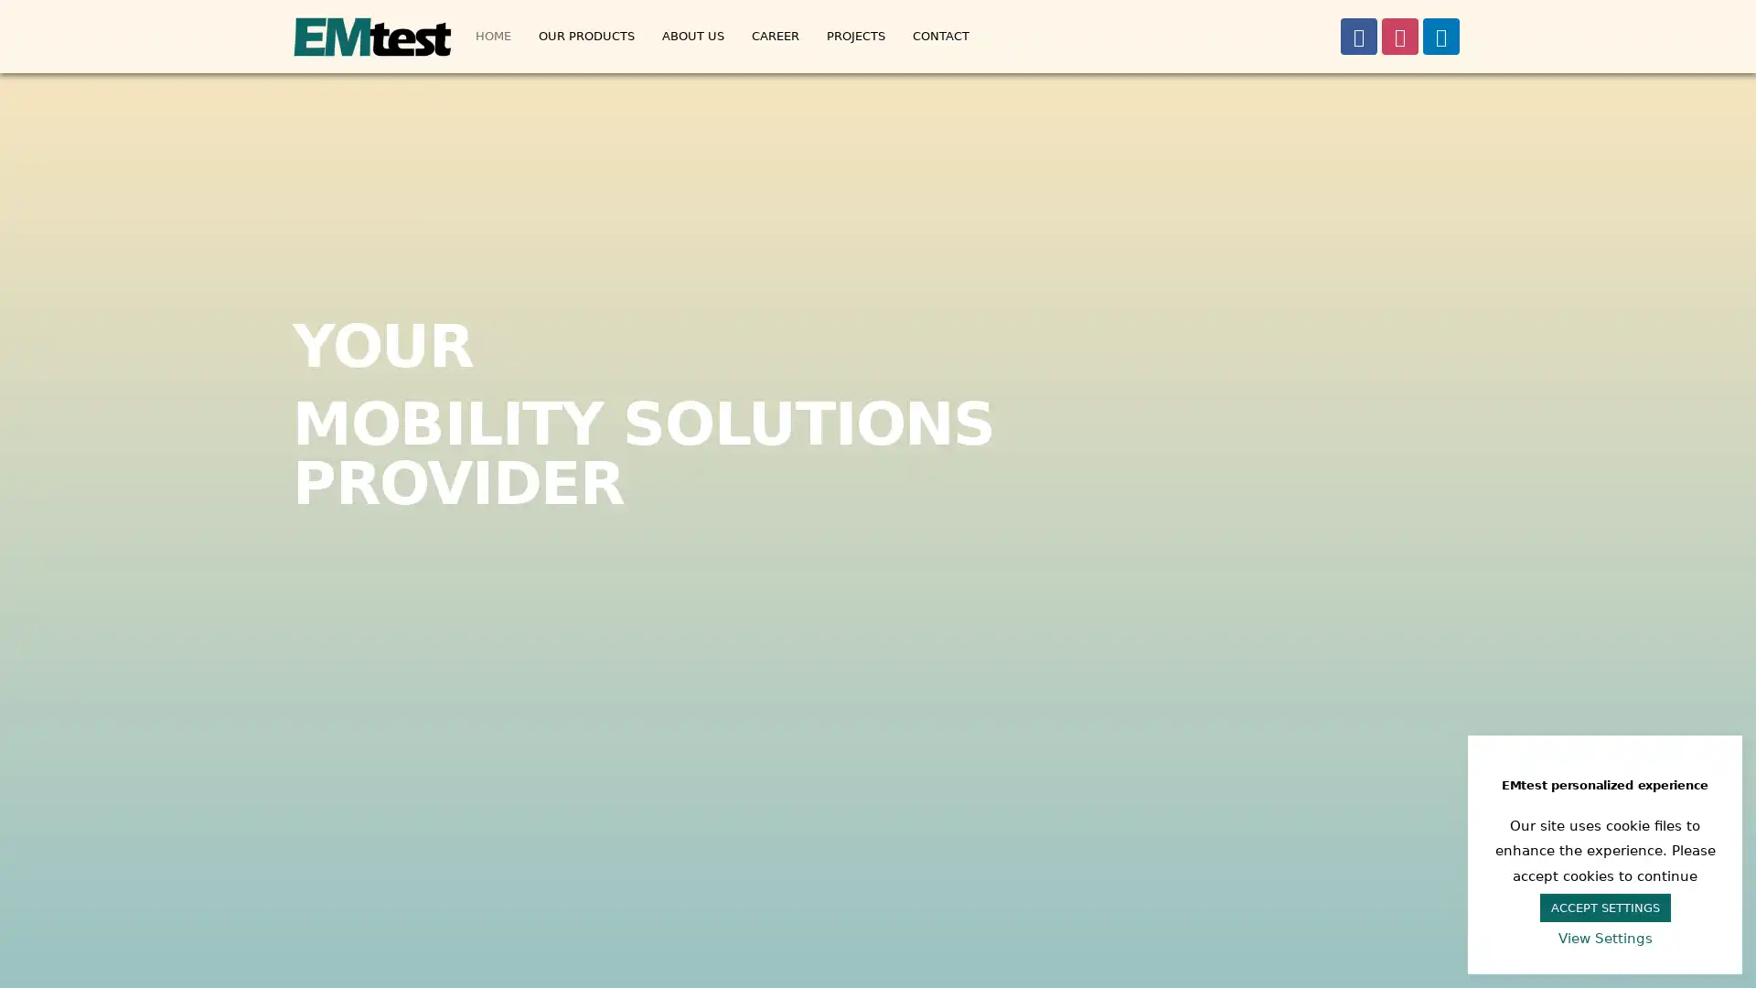 This screenshot has height=988, width=1756. What do you see at coordinates (1603, 939) in the screenshot?
I see `View Settings` at bounding box center [1603, 939].